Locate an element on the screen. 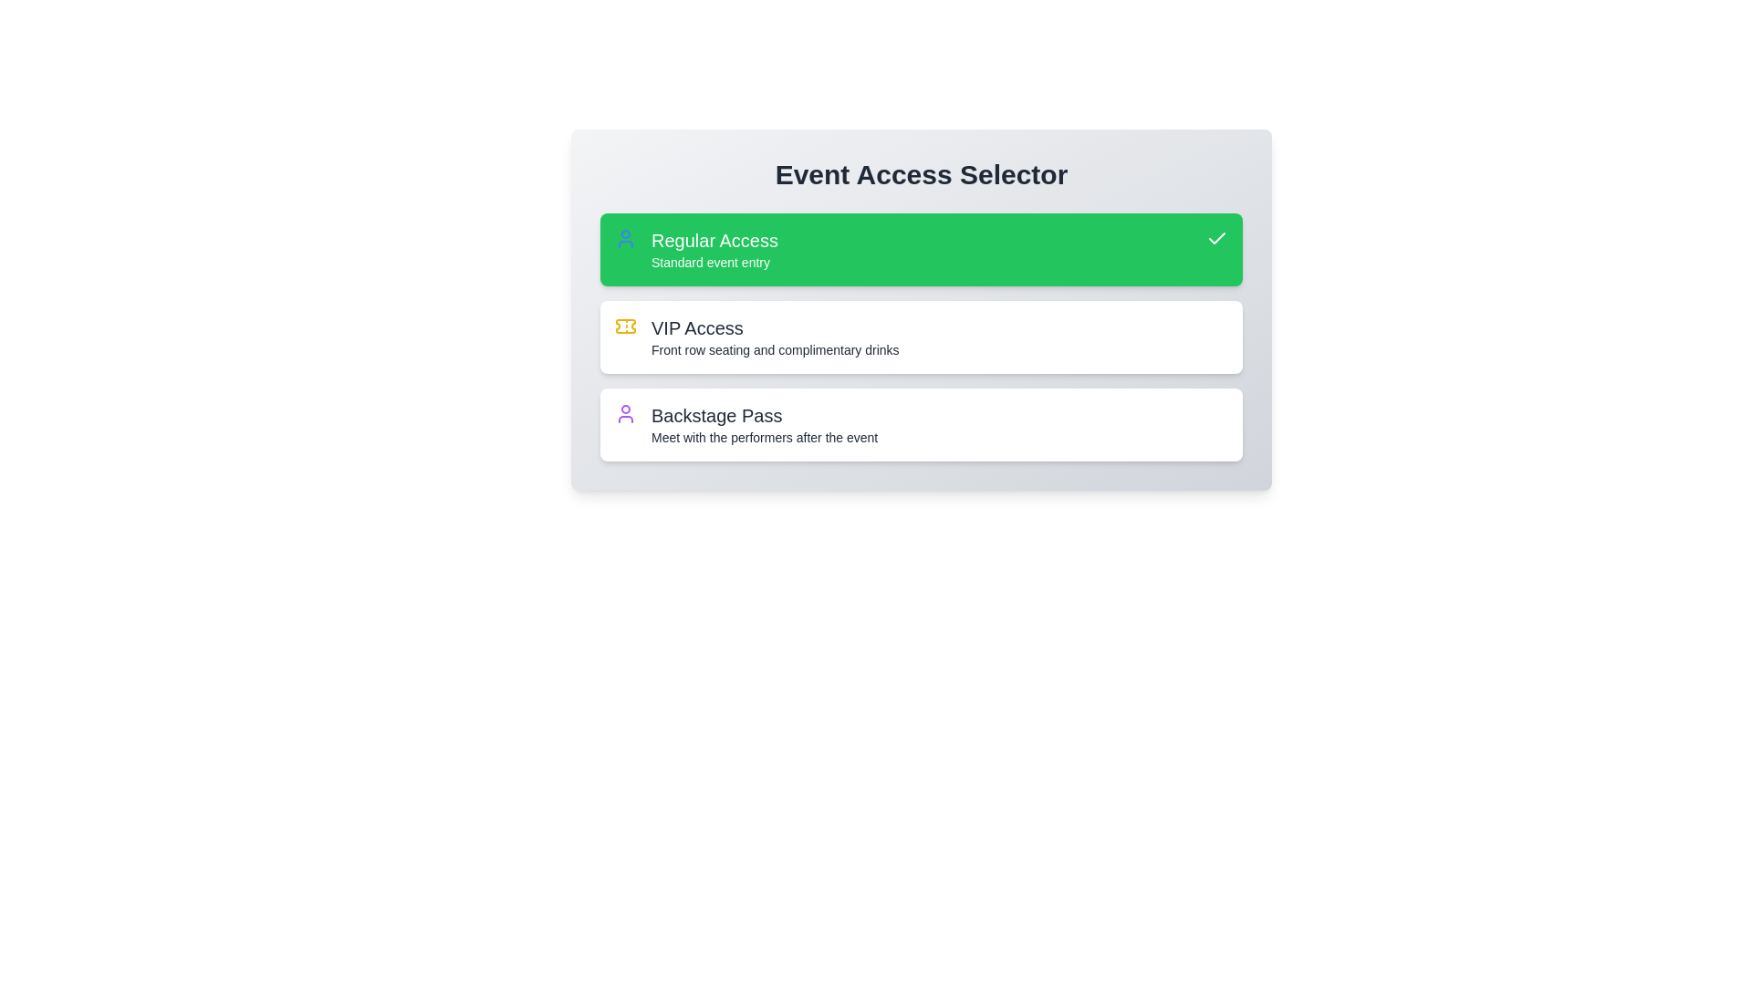 Image resolution: width=1752 pixels, height=985 pixels. the 'user' icon within the 'Regular Access' button, which is positioned on the left side before the text 'Regular Access.' is located at coordinates (626, 238).